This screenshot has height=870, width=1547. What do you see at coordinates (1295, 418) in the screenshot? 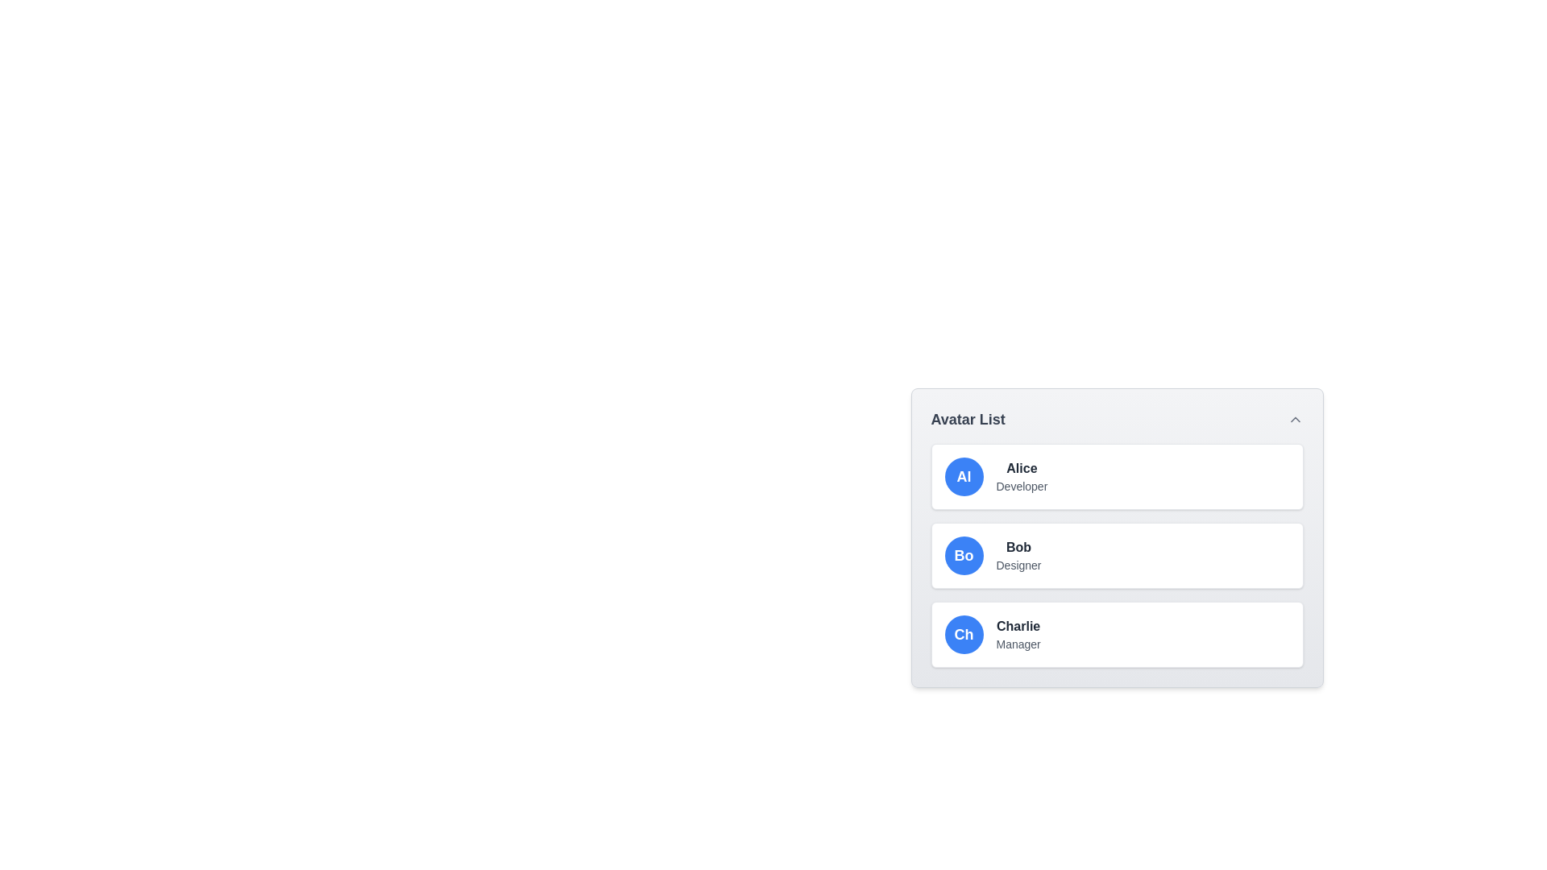
I see `the button that toggles the 'Avatar List' section, located to the far right of the section header, next to the title 'Avatar List'` at bounding box center [1295, 418].